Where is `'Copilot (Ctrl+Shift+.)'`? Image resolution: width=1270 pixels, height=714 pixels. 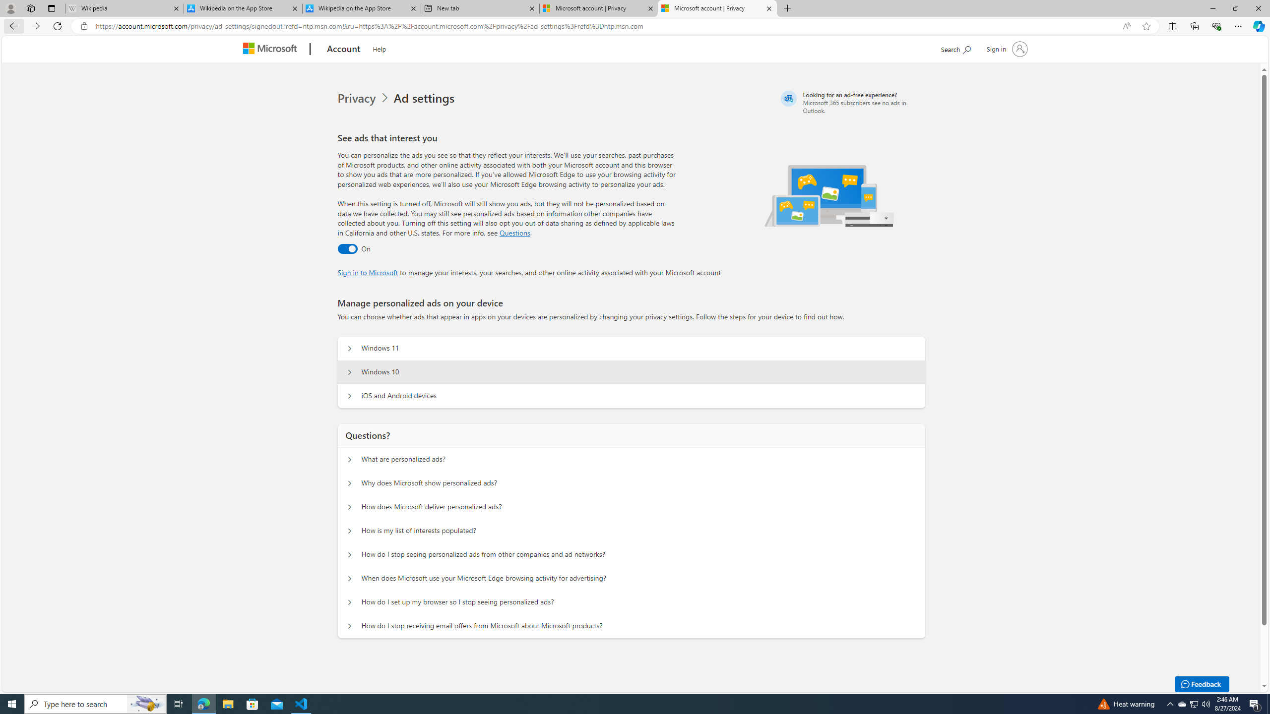
'Copilot (Ctrl+Shift+.)' is located at coordinates (1258, 25).